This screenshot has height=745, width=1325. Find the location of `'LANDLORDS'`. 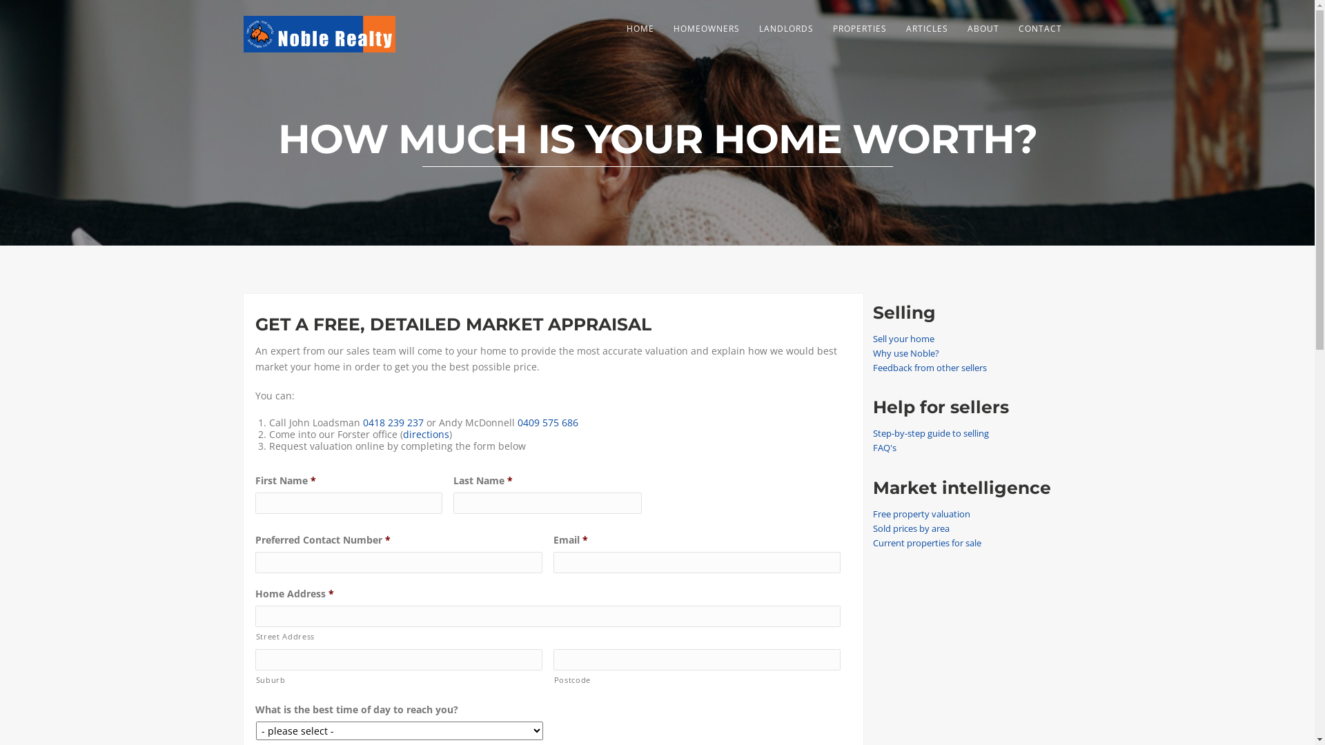

'LANDLORDS' is located at coordinates (786, 29).